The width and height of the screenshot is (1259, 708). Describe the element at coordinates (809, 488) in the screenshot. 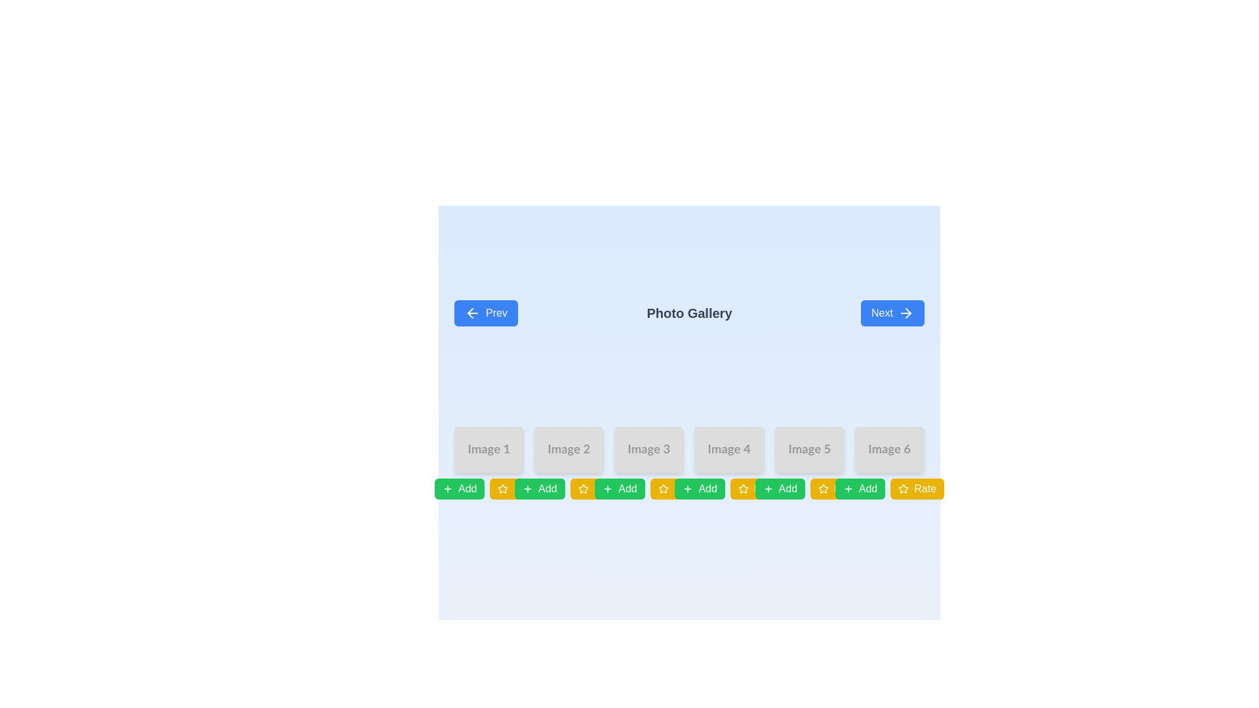

I see `the star-shaped icon with a yellow background located in the middle toolbar below the fifth image in the photo gallery for rating adjustment` at that location.